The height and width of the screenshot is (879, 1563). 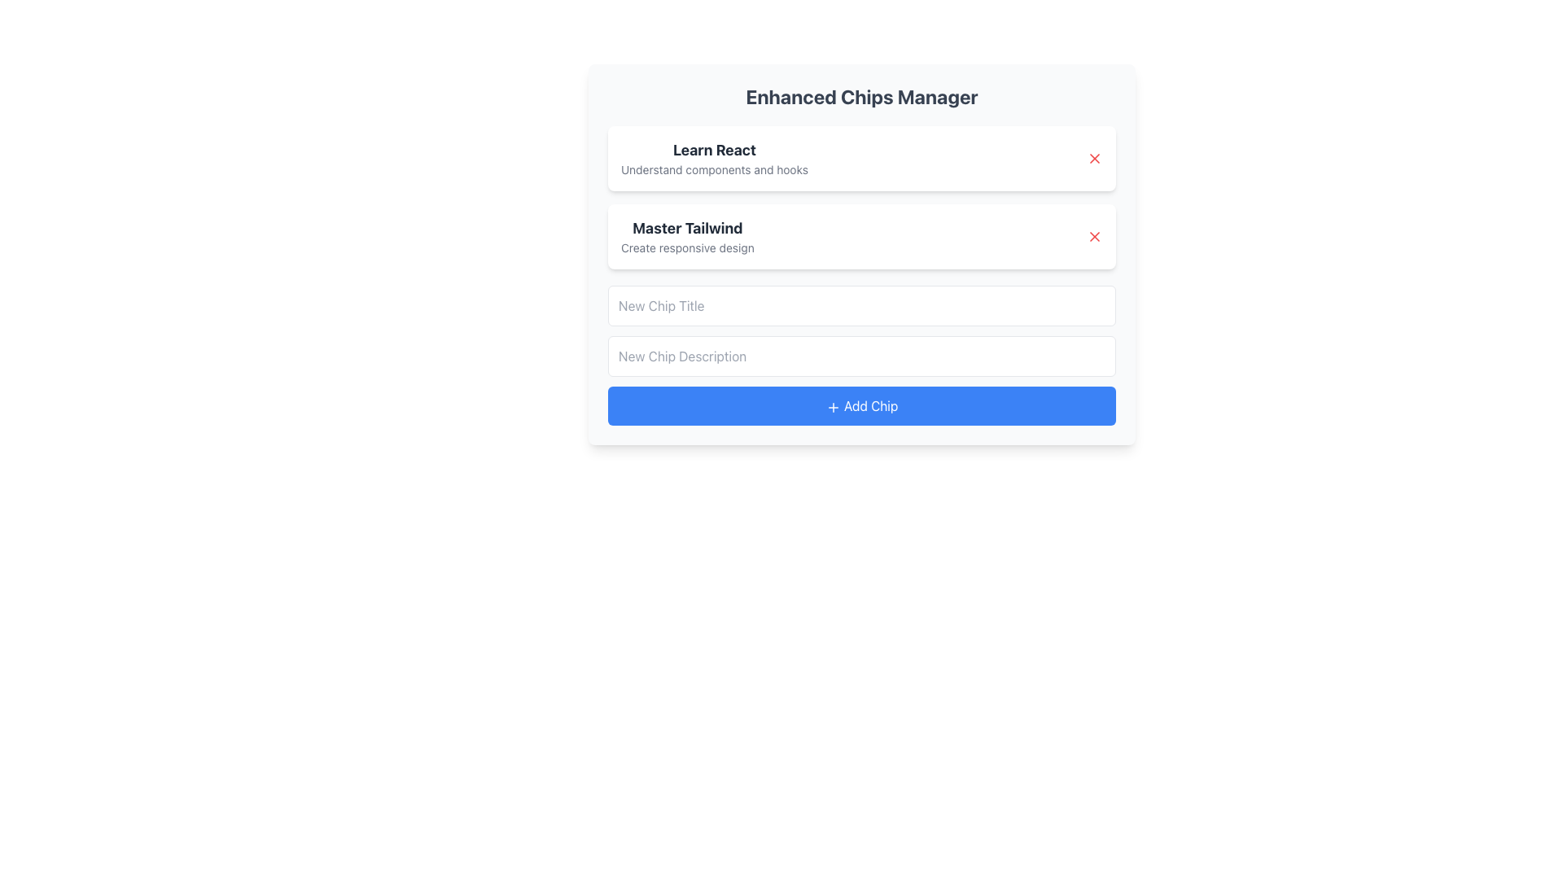 What do you see at coordinates (1094, 159) in the screenshot?
I see `the diagonal cross ('X') button located in the upper-right corner of the card displaying 'Learn React'` at bounding box center [1094, 159].